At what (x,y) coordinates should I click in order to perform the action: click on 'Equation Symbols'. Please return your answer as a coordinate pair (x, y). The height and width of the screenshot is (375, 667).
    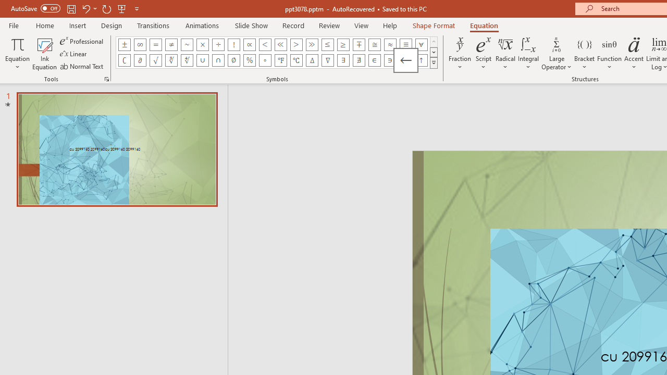
    Looking at the image, I should click on (434, 63).